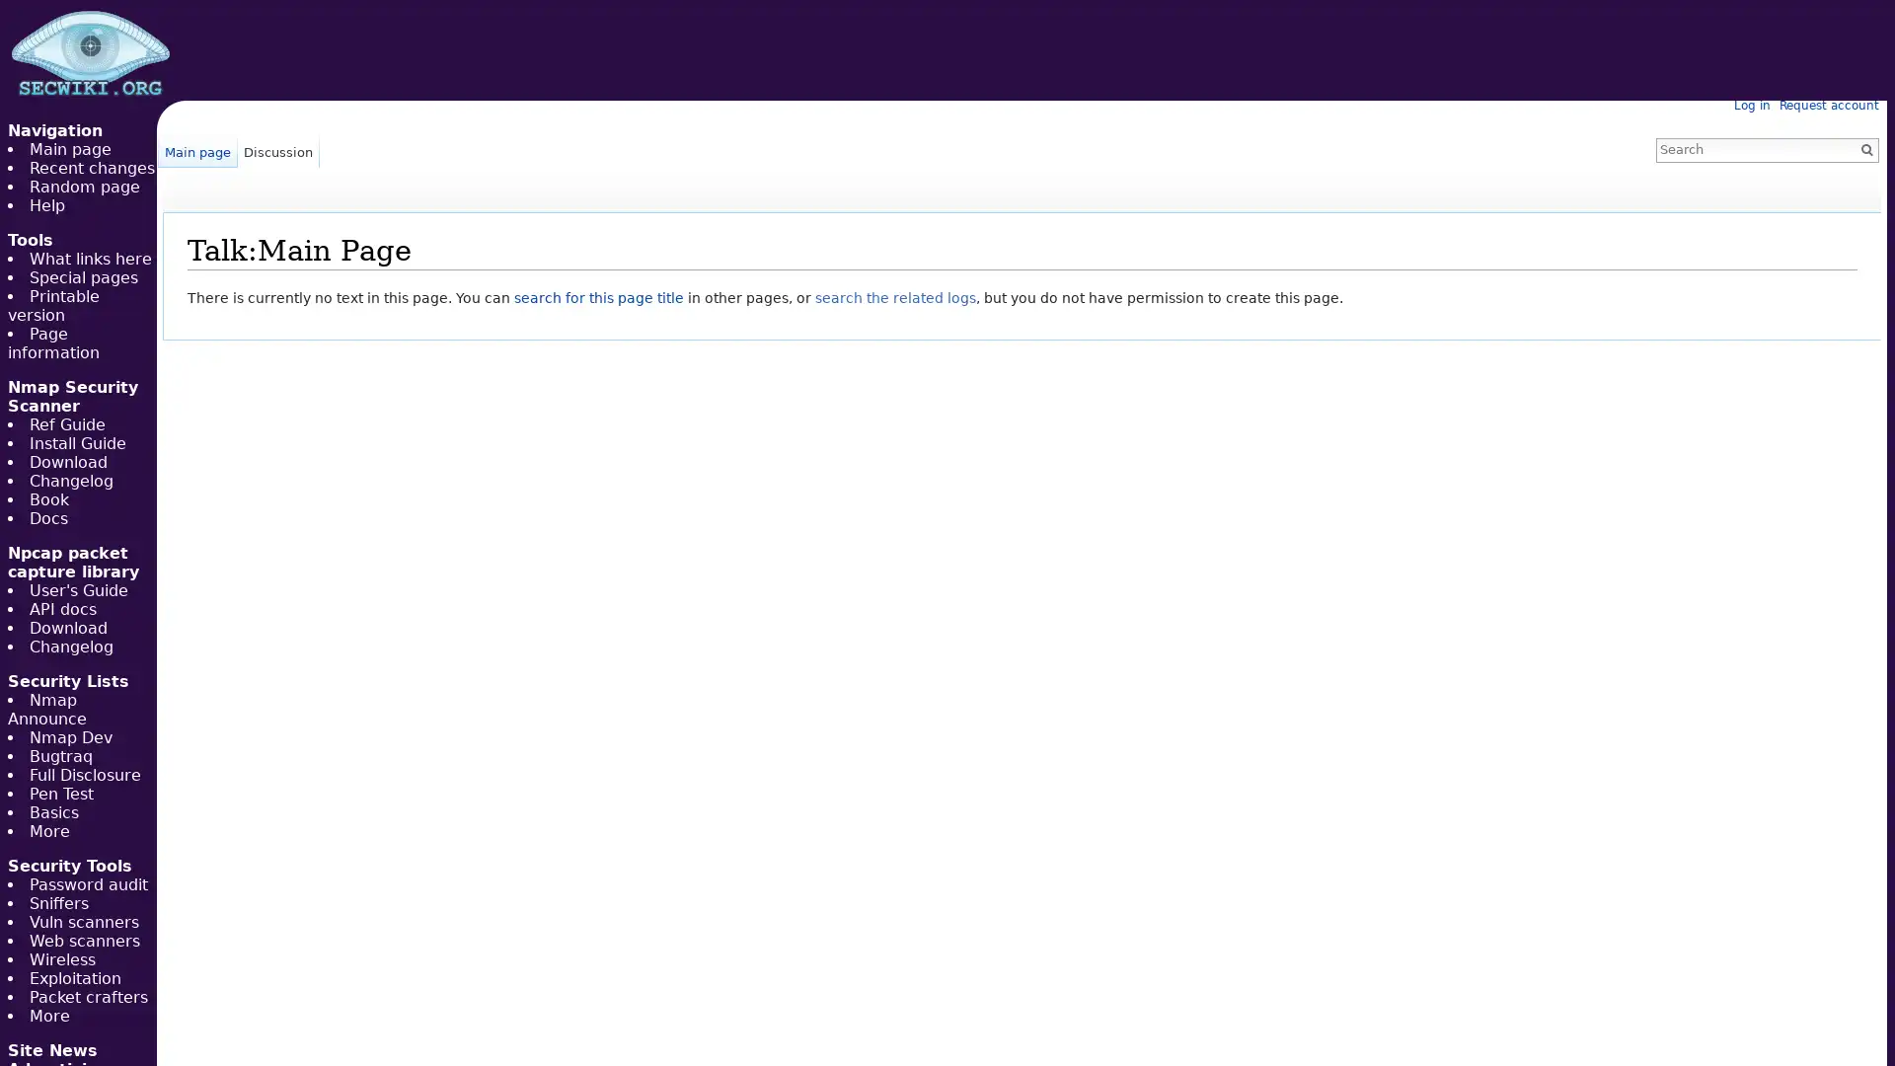  I want to click on Go, so click(1865, 148).